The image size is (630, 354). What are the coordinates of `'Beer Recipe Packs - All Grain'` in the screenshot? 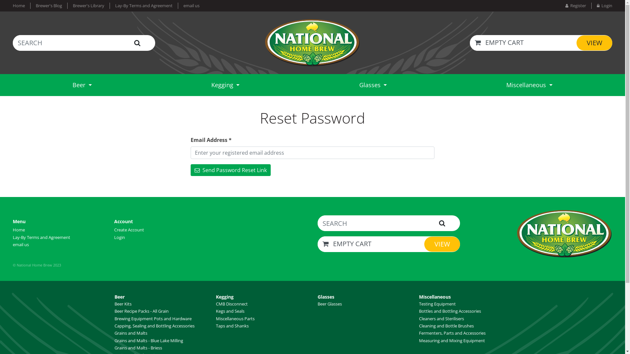 It's located at (141, 310).